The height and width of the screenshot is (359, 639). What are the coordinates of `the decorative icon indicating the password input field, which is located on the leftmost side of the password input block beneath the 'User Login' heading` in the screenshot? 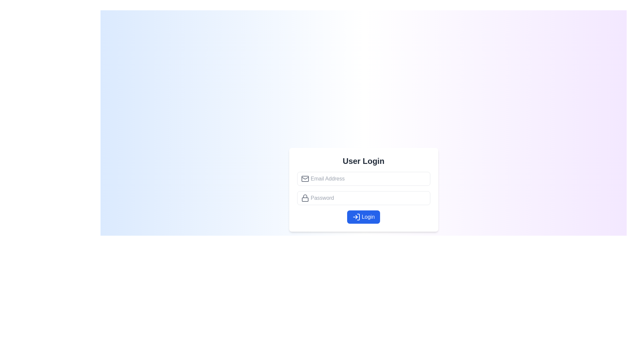 It's located at (305, 198).